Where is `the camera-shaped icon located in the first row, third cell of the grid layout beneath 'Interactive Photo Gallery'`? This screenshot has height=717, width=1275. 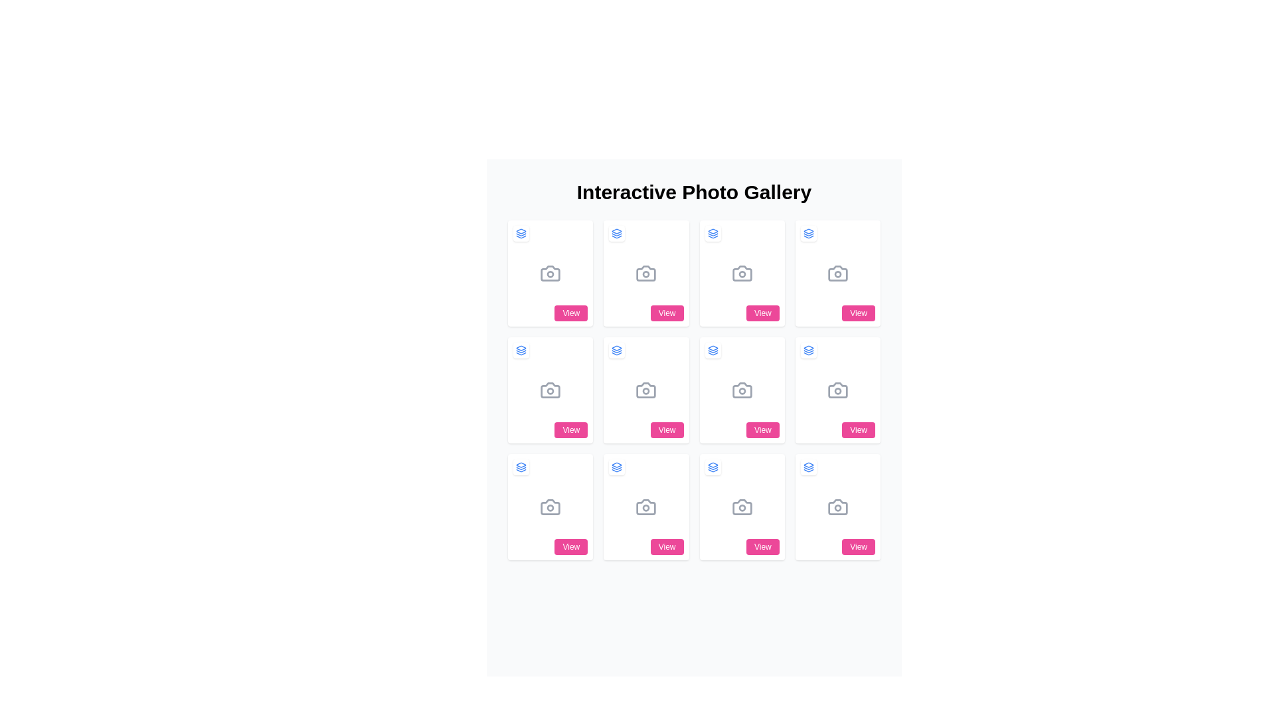 the camera-shaped icon located in the first row, third cell of the grid layout beneath 'Interactive Photo Gallery' is located at coordinates (741, 273).